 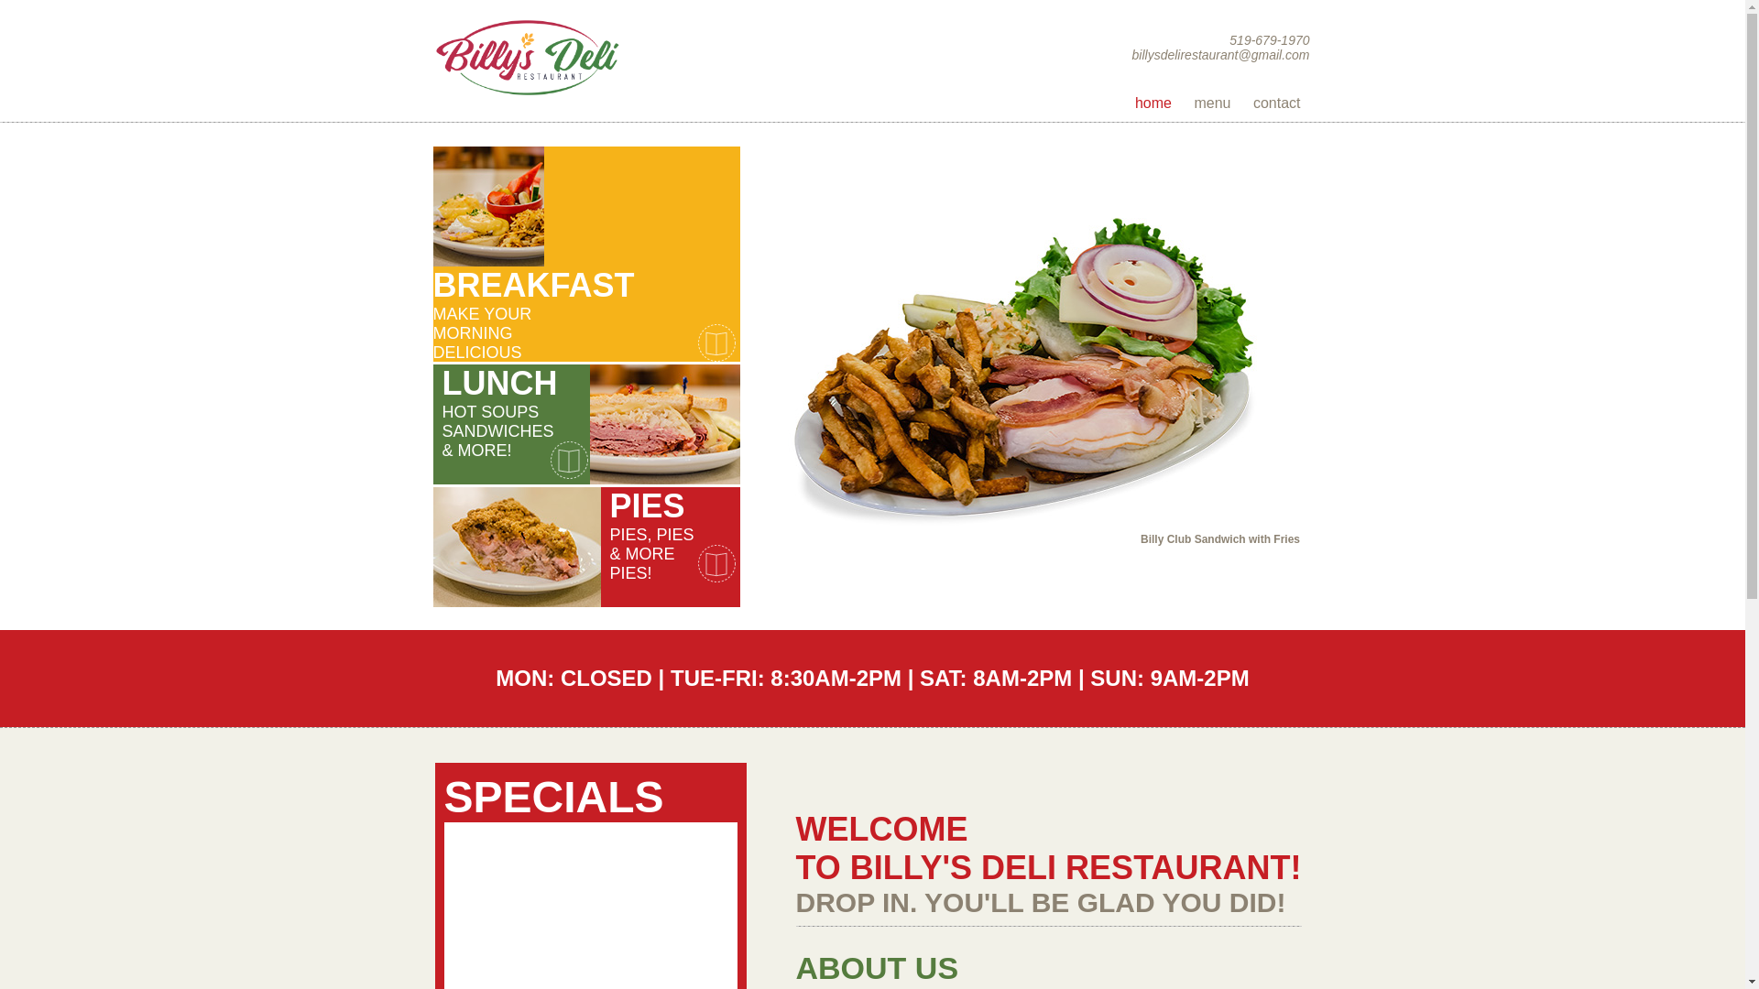 I want to click on 'menu', so click(x=1212, y=103).